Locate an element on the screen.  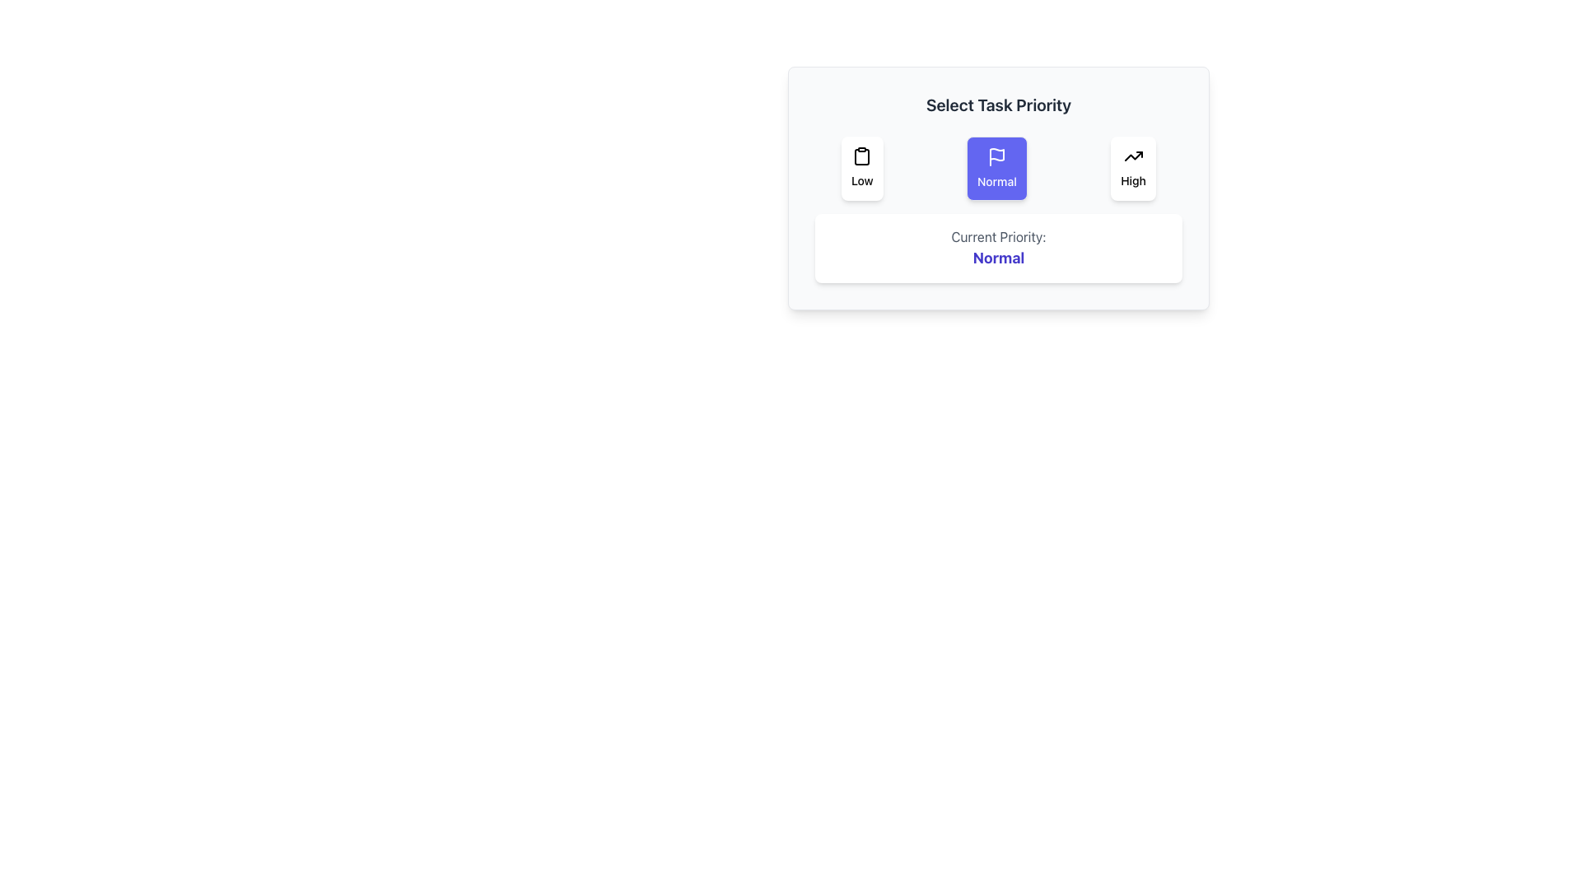
the Text Display that shows 'Current Priority: Normal', which is located beneath the selectable priority levels in a white rounded rectangular card is located at coordinates (998, 248).